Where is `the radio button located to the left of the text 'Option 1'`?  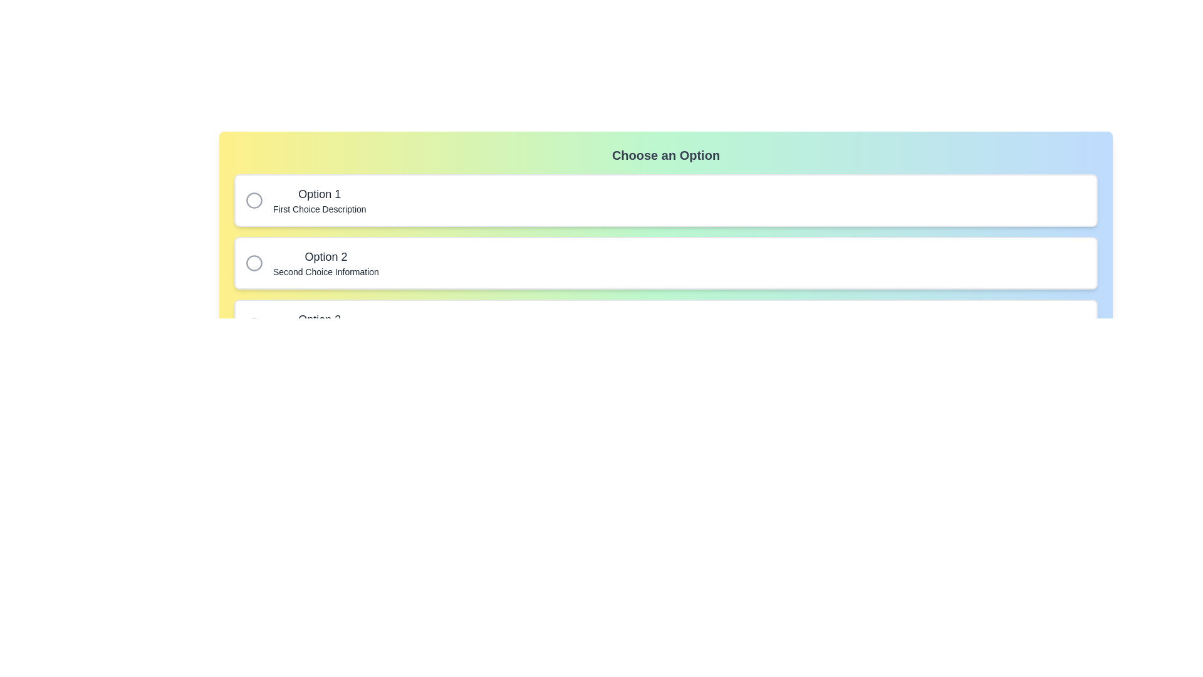
the radio button located to the left of the text 'Option 1' is located at coordinates (254, 200).